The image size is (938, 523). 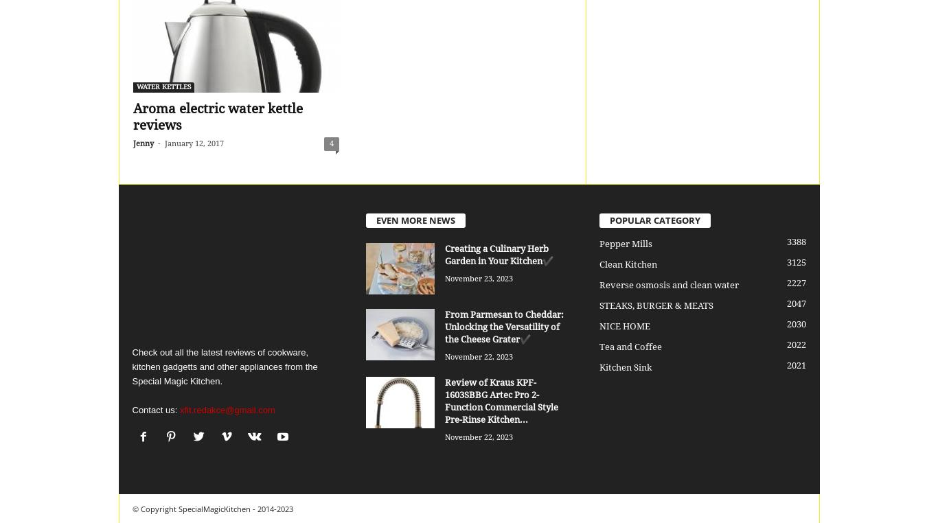 I want to click on 'POPULAR CATEGORY', so click(x=654, y=220).